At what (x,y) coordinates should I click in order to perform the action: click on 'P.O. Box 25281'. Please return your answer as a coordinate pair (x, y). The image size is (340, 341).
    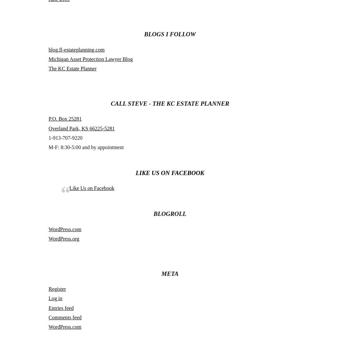
    Looking at the image, I should click on (49, 119).